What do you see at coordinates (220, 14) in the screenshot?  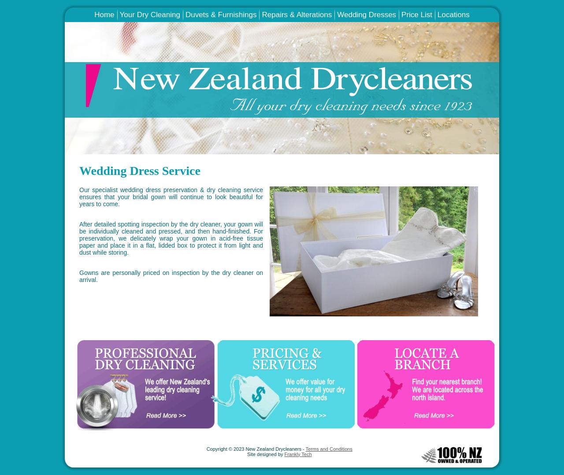 I see `'Duvets & Furnishings'` at bounding box center [220, 14].